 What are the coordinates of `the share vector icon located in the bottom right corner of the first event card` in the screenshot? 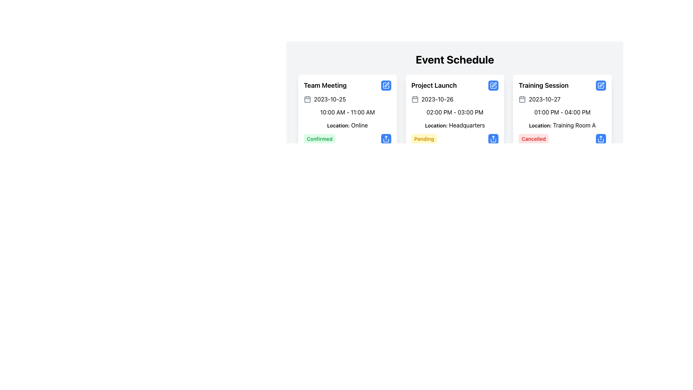 It's located at (385, 139).